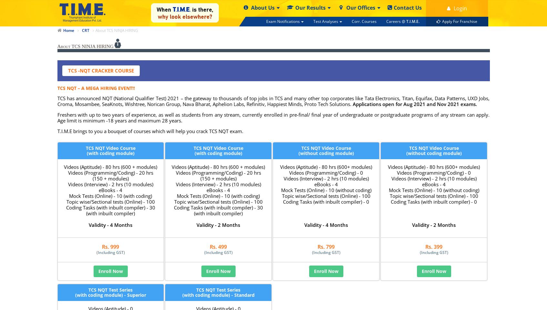 This screenshot has height=310, width=547. Describe the element at coordinates (57, 46) in the screenshot. I see `'About TCS NINJA HIRING'` at that location.